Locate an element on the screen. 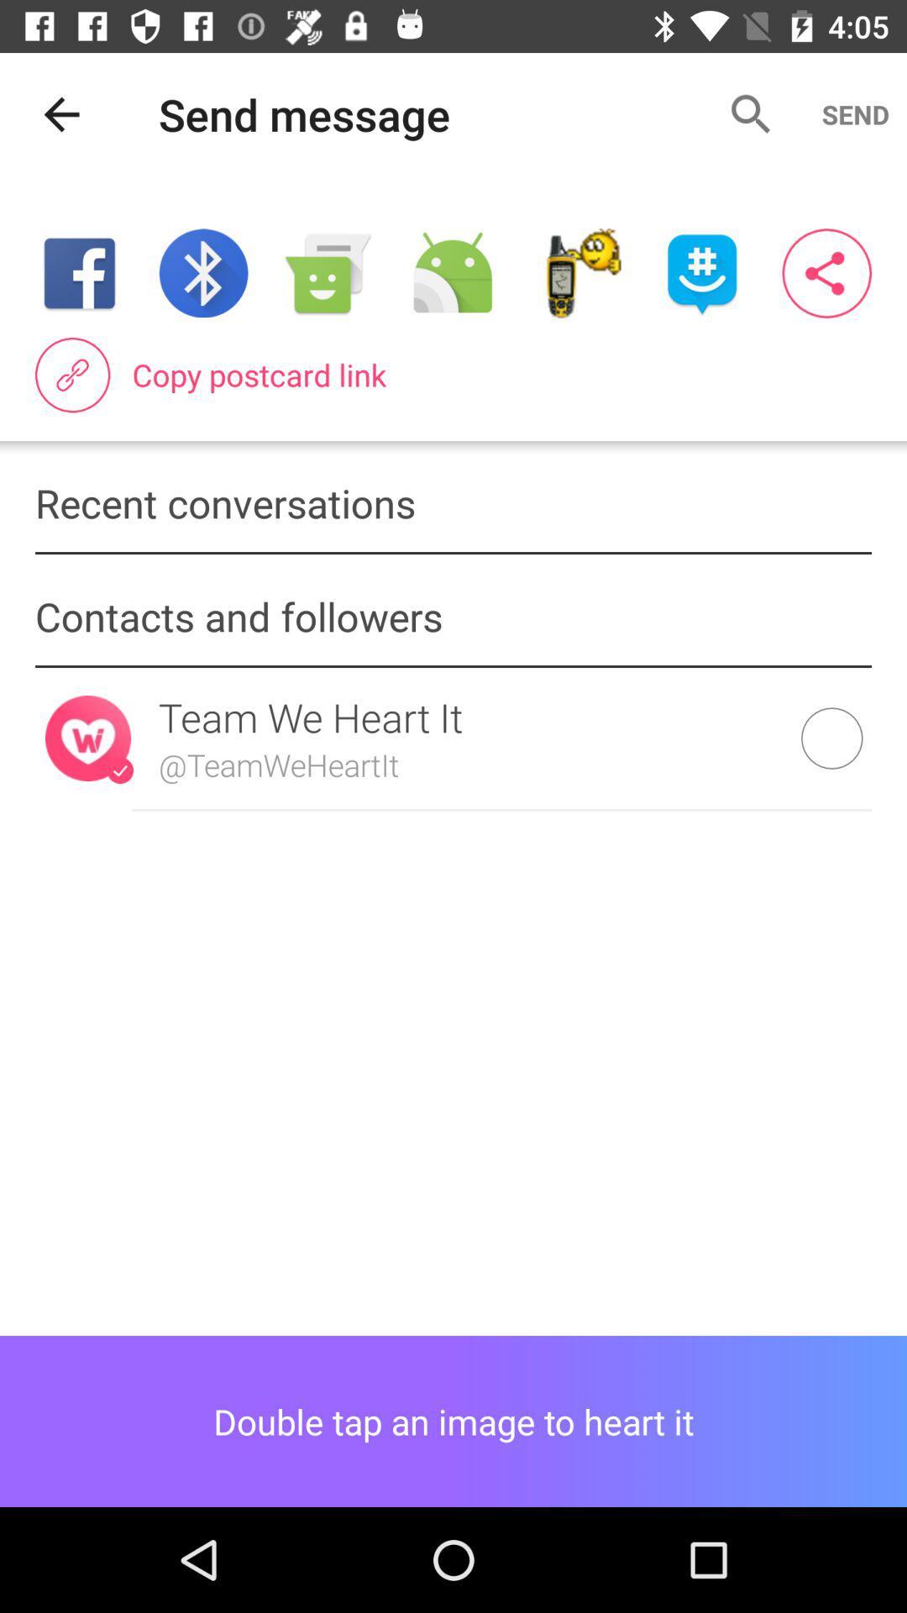  the item above copy postcard link icon is located at coordinates (576, 273).